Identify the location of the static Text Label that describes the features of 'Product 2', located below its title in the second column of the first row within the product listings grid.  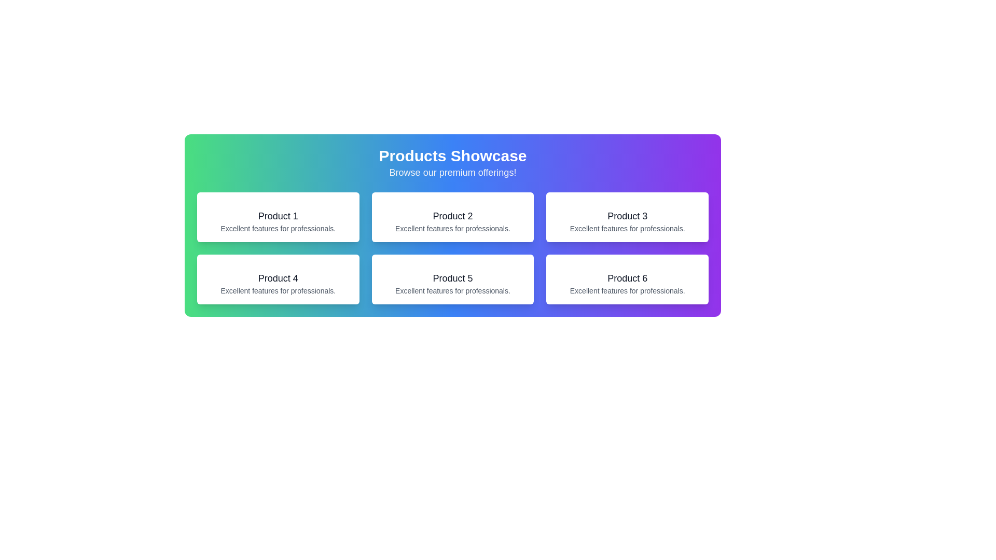
(453, 228).